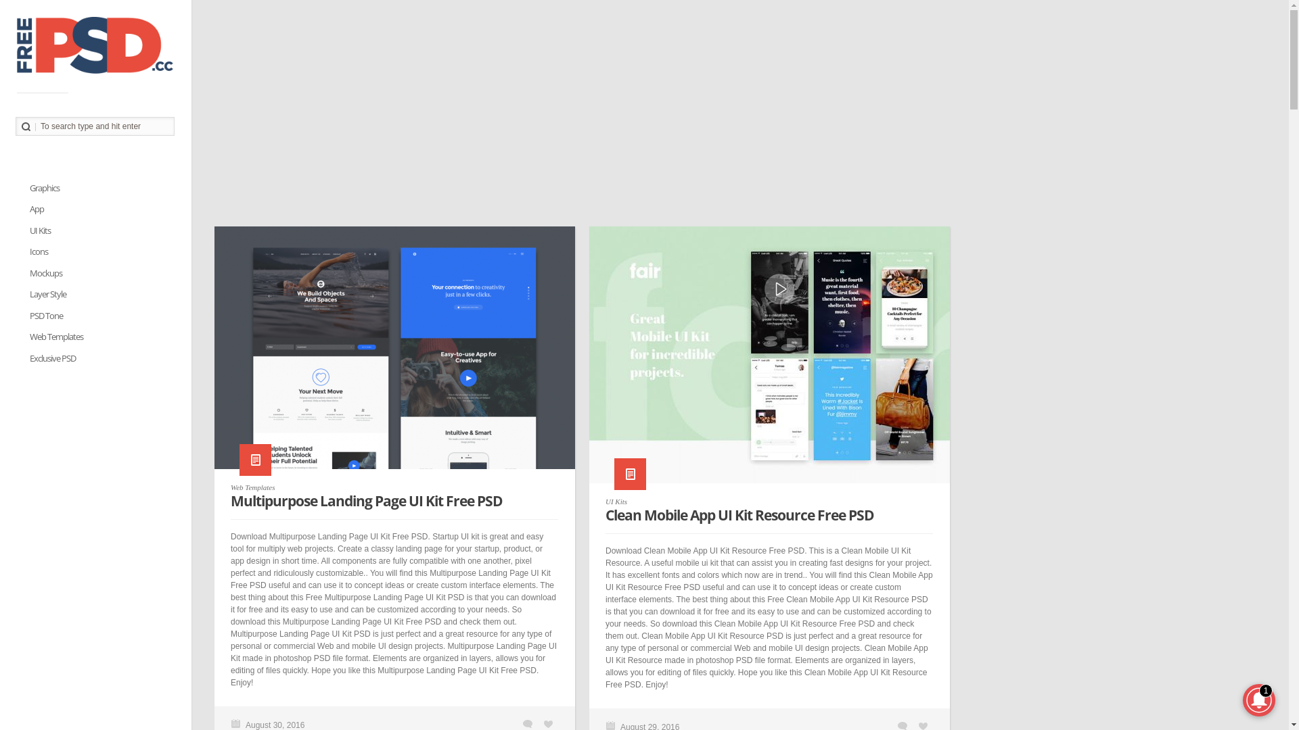  I want to click on 'Mockups', so click(16, 273).